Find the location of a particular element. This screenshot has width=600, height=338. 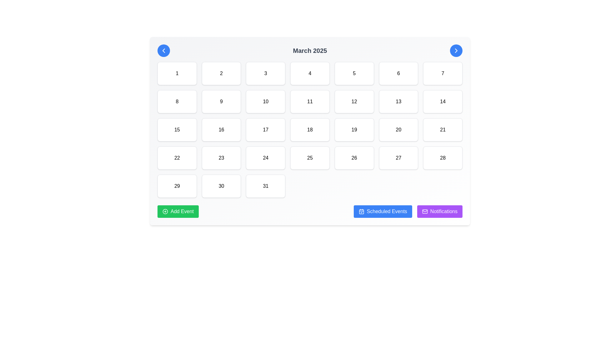

the Calendar date cell displaying the number '15' is located at coordinates (177, 130).